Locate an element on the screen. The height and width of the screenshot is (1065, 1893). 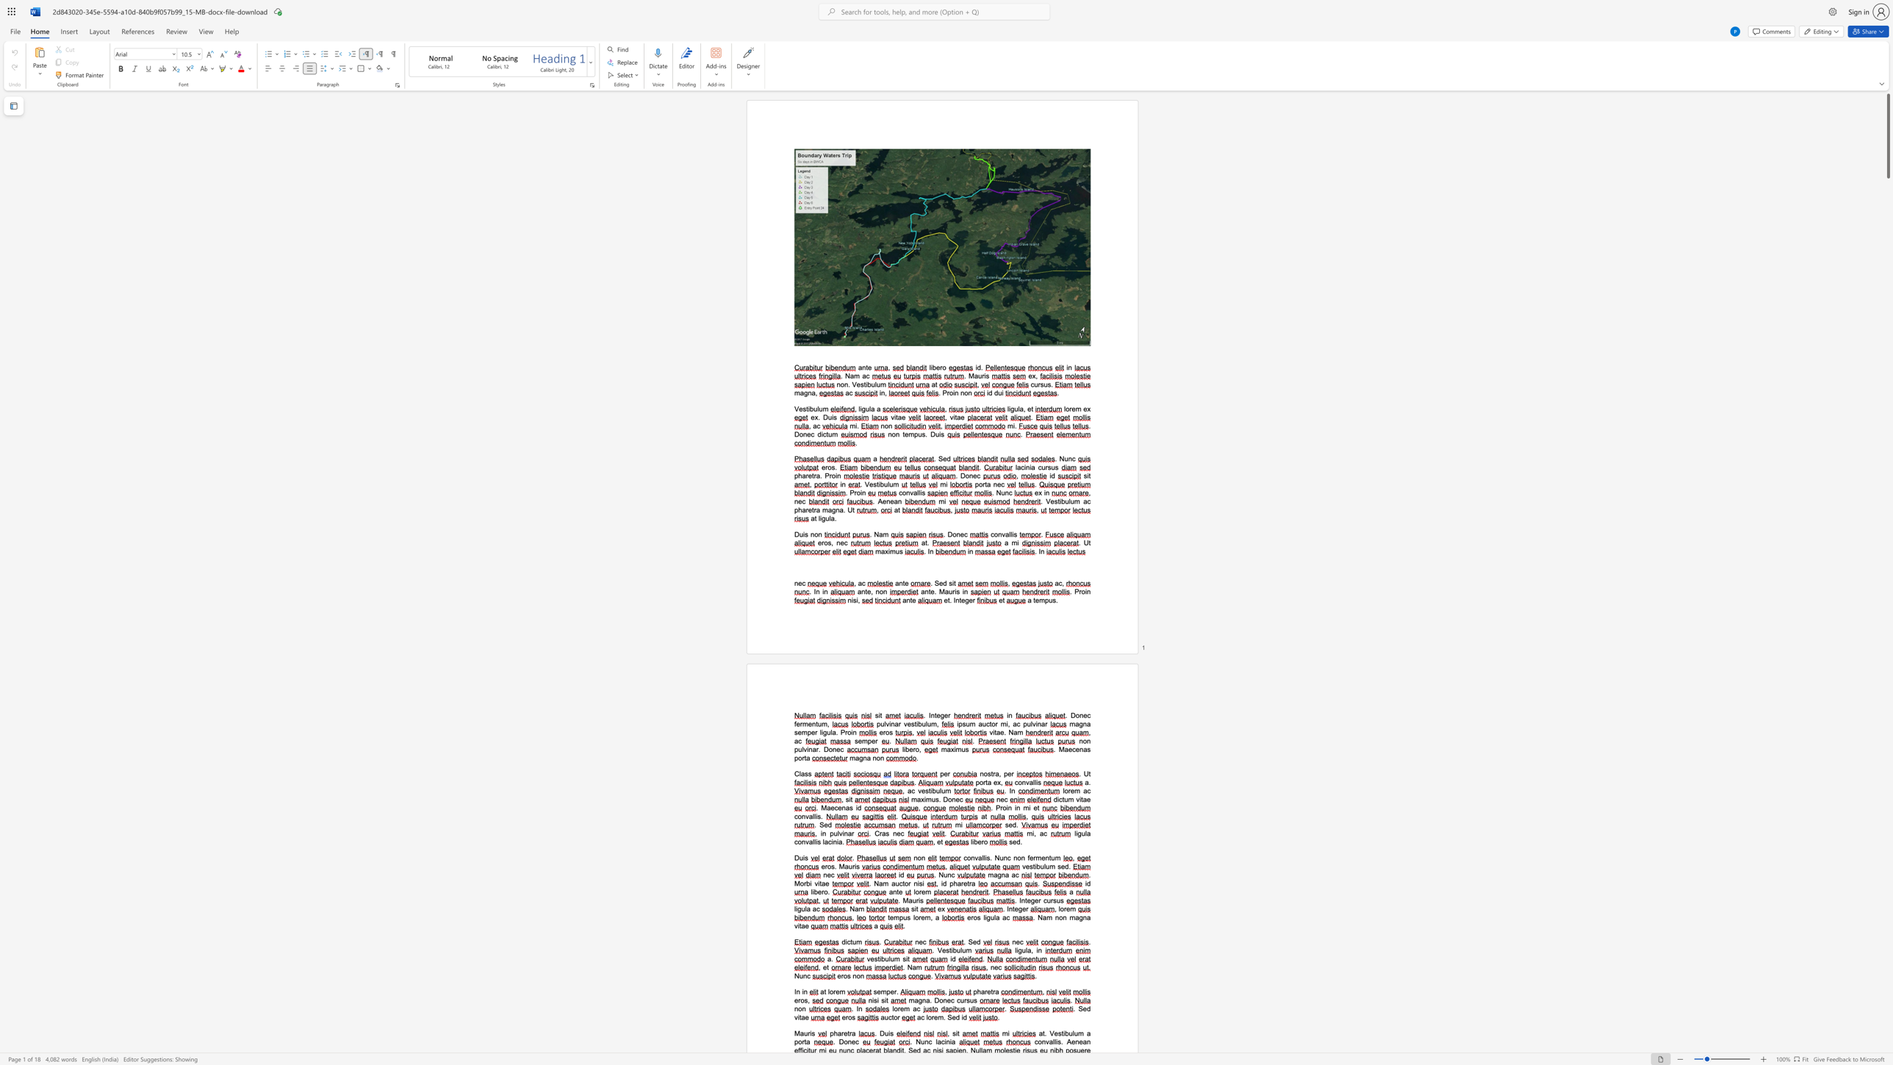
the space between the continuous character "r" and "o" in the text is located at coordinates (825, 542).